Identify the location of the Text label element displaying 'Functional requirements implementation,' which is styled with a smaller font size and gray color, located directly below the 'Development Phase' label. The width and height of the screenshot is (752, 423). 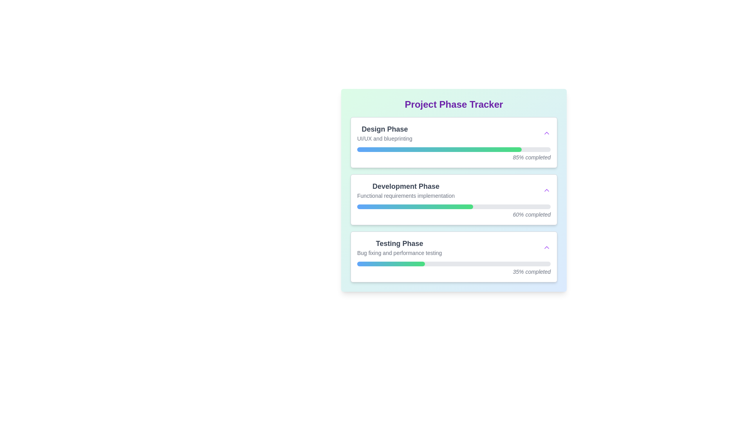
(406, 195).